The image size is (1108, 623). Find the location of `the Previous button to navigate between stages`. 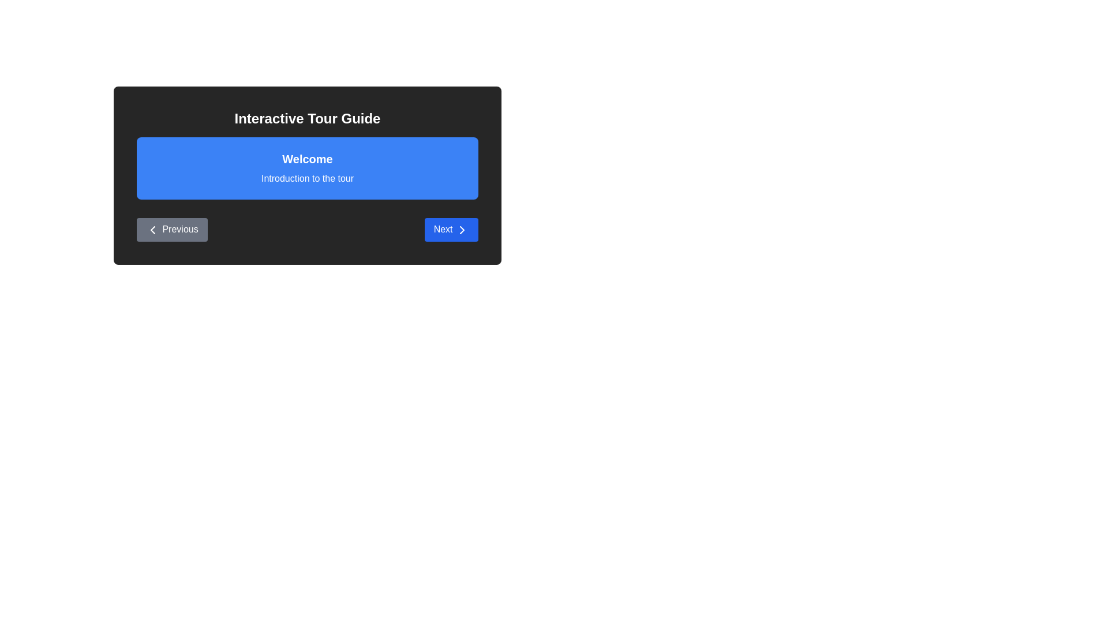

the Previous button to navigate between stages is located at coordinates (171, 230).